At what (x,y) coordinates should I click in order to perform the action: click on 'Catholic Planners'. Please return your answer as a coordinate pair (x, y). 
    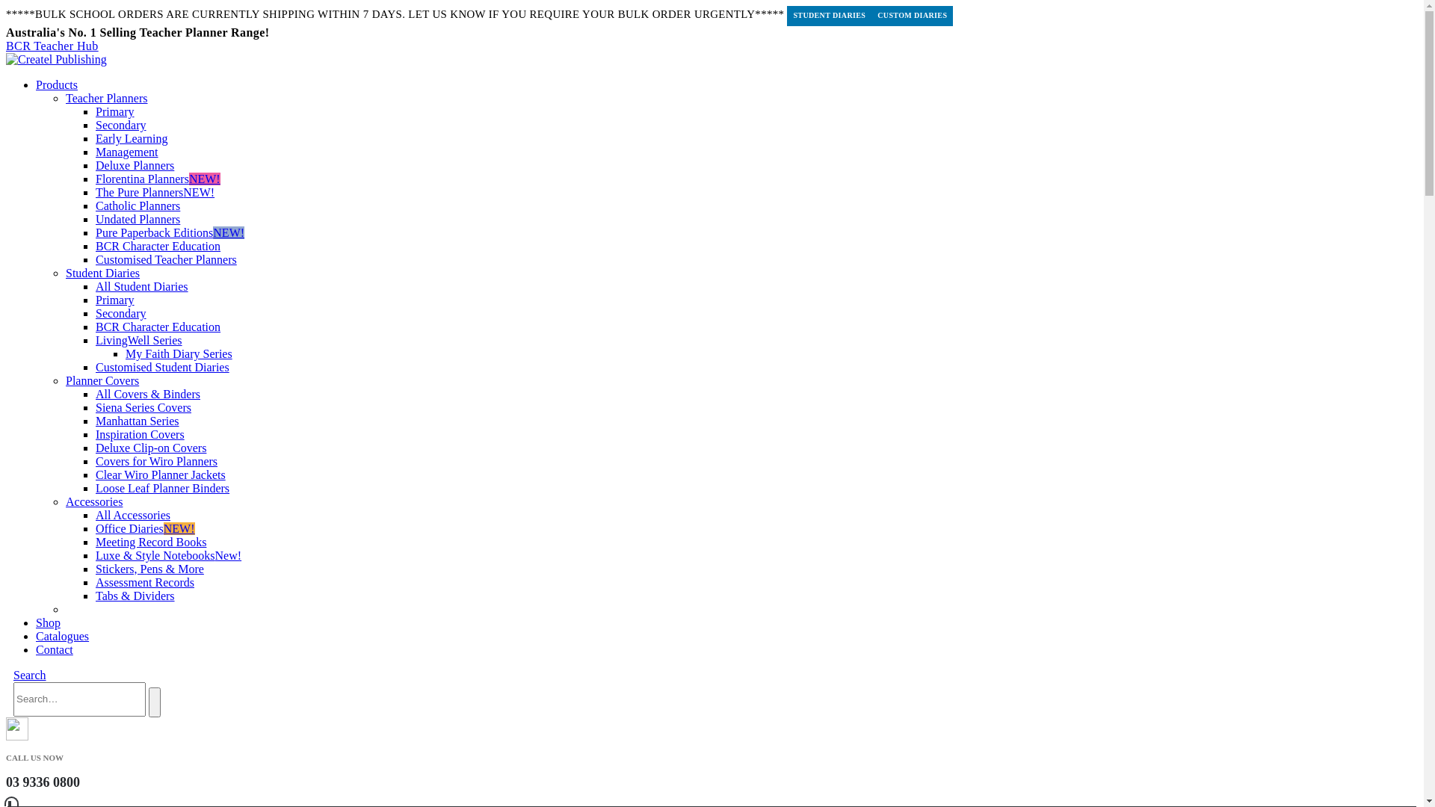
    Looking at the image, I should click on (138, 205).